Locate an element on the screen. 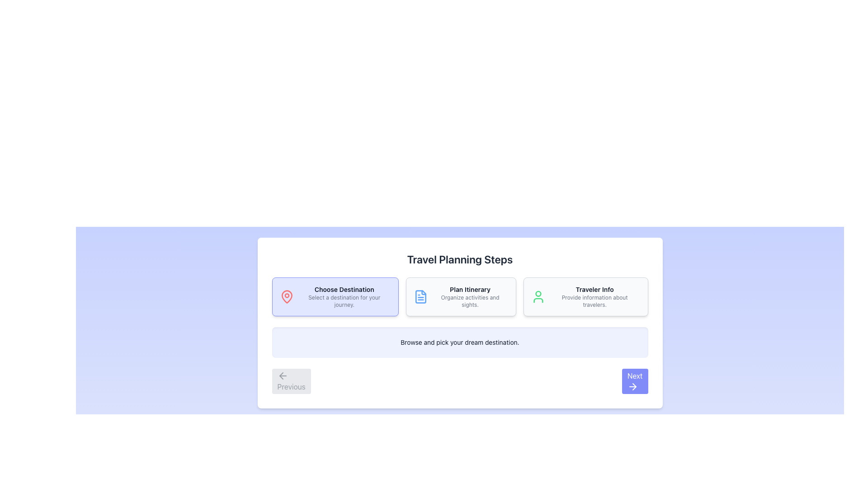  the center of the horizontal navigation step indicator to interact with the travel planning steps is located at coordinates (460, 296).